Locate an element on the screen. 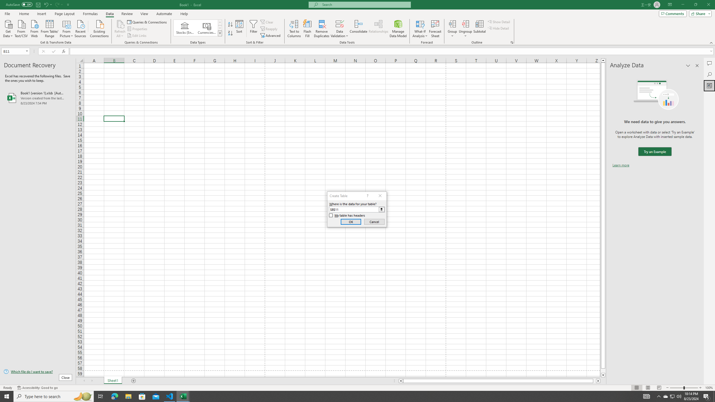 The width and height of the screenshot is (715, 402). 'From Table/Range' is located at coordinates (49, 28).